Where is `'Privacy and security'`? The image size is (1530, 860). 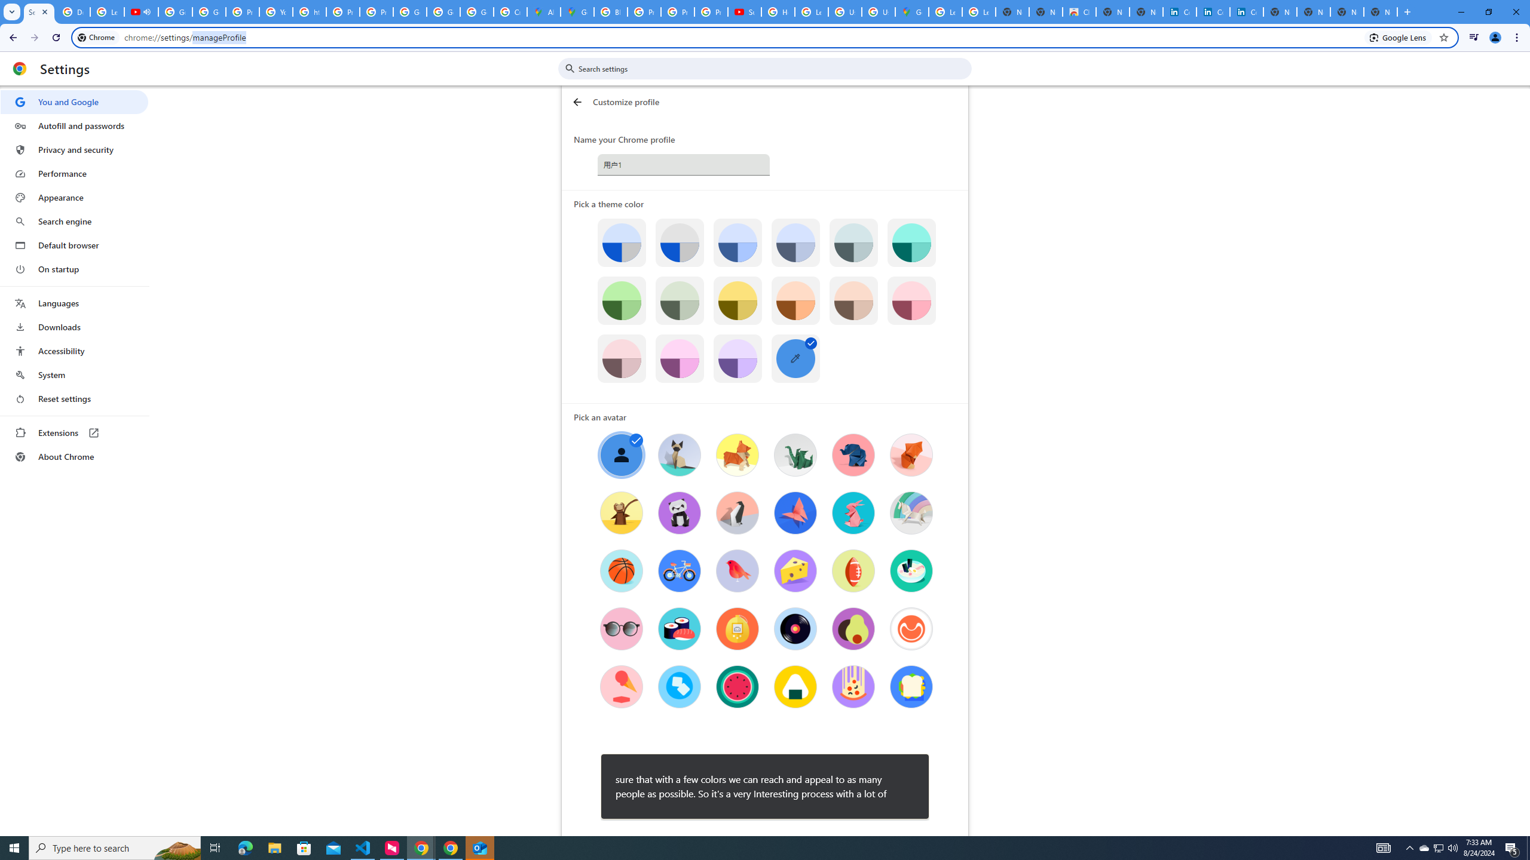 'Privacy and security' is located at coordinates (74, 149).